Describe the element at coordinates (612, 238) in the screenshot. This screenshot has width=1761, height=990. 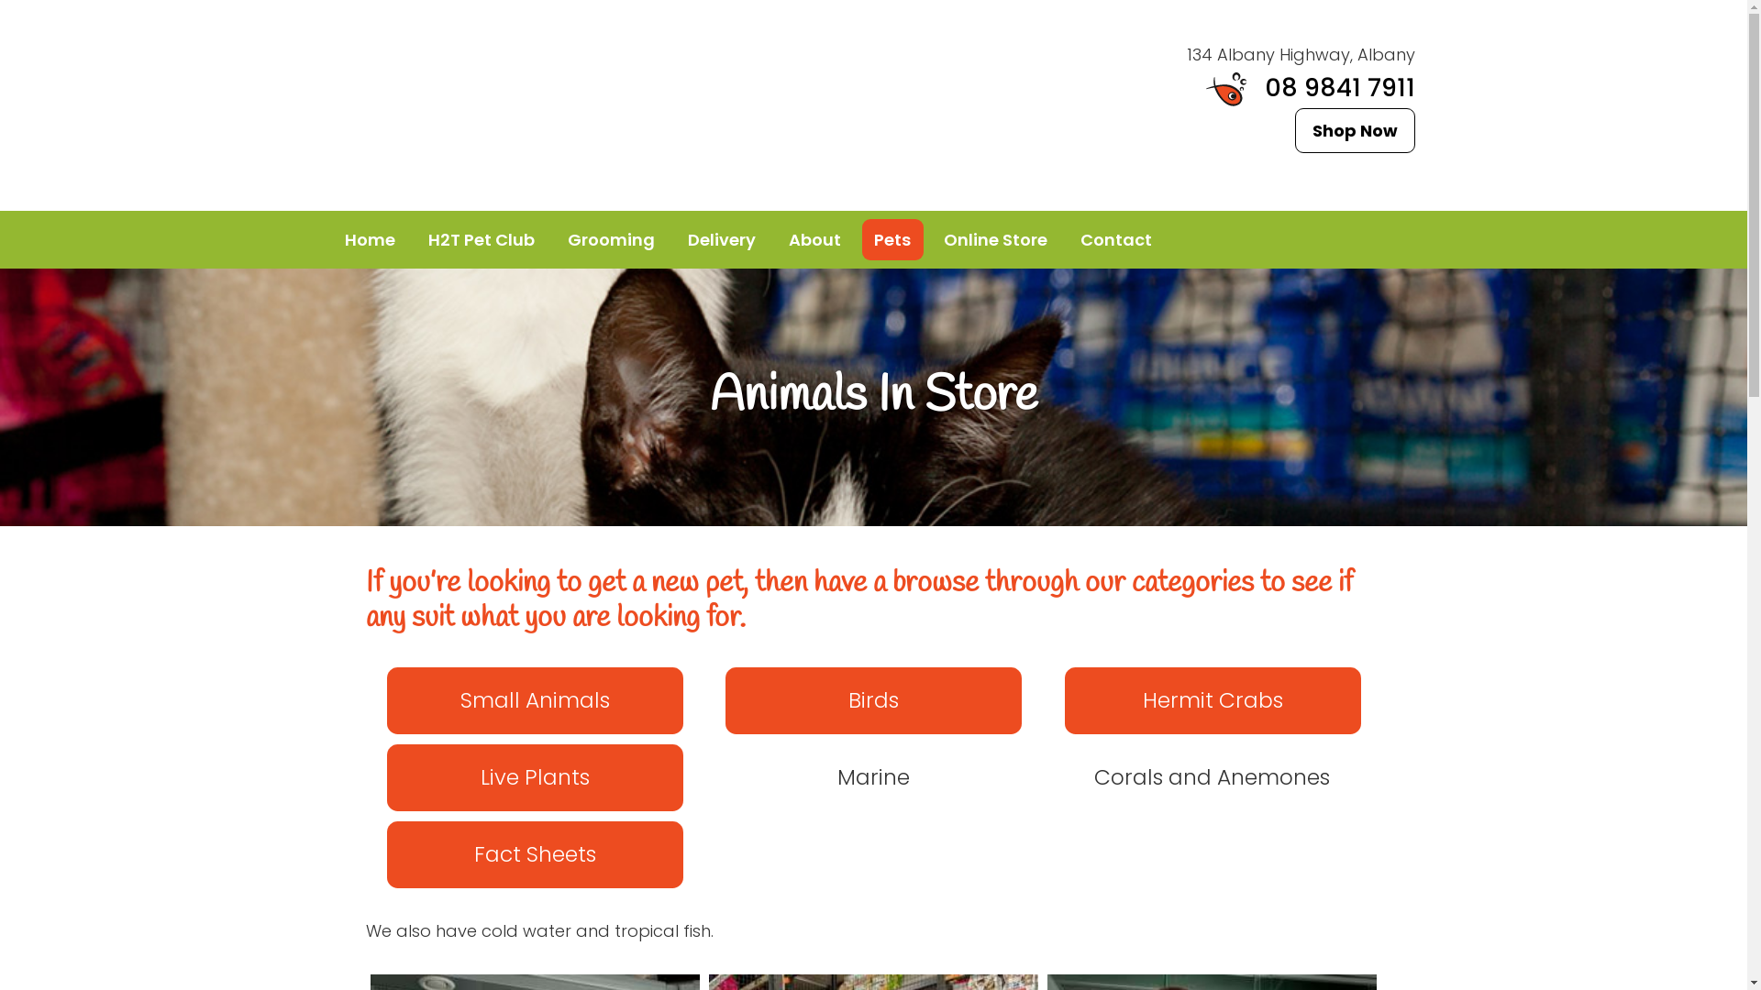
I see `'Grooming'` at that location.